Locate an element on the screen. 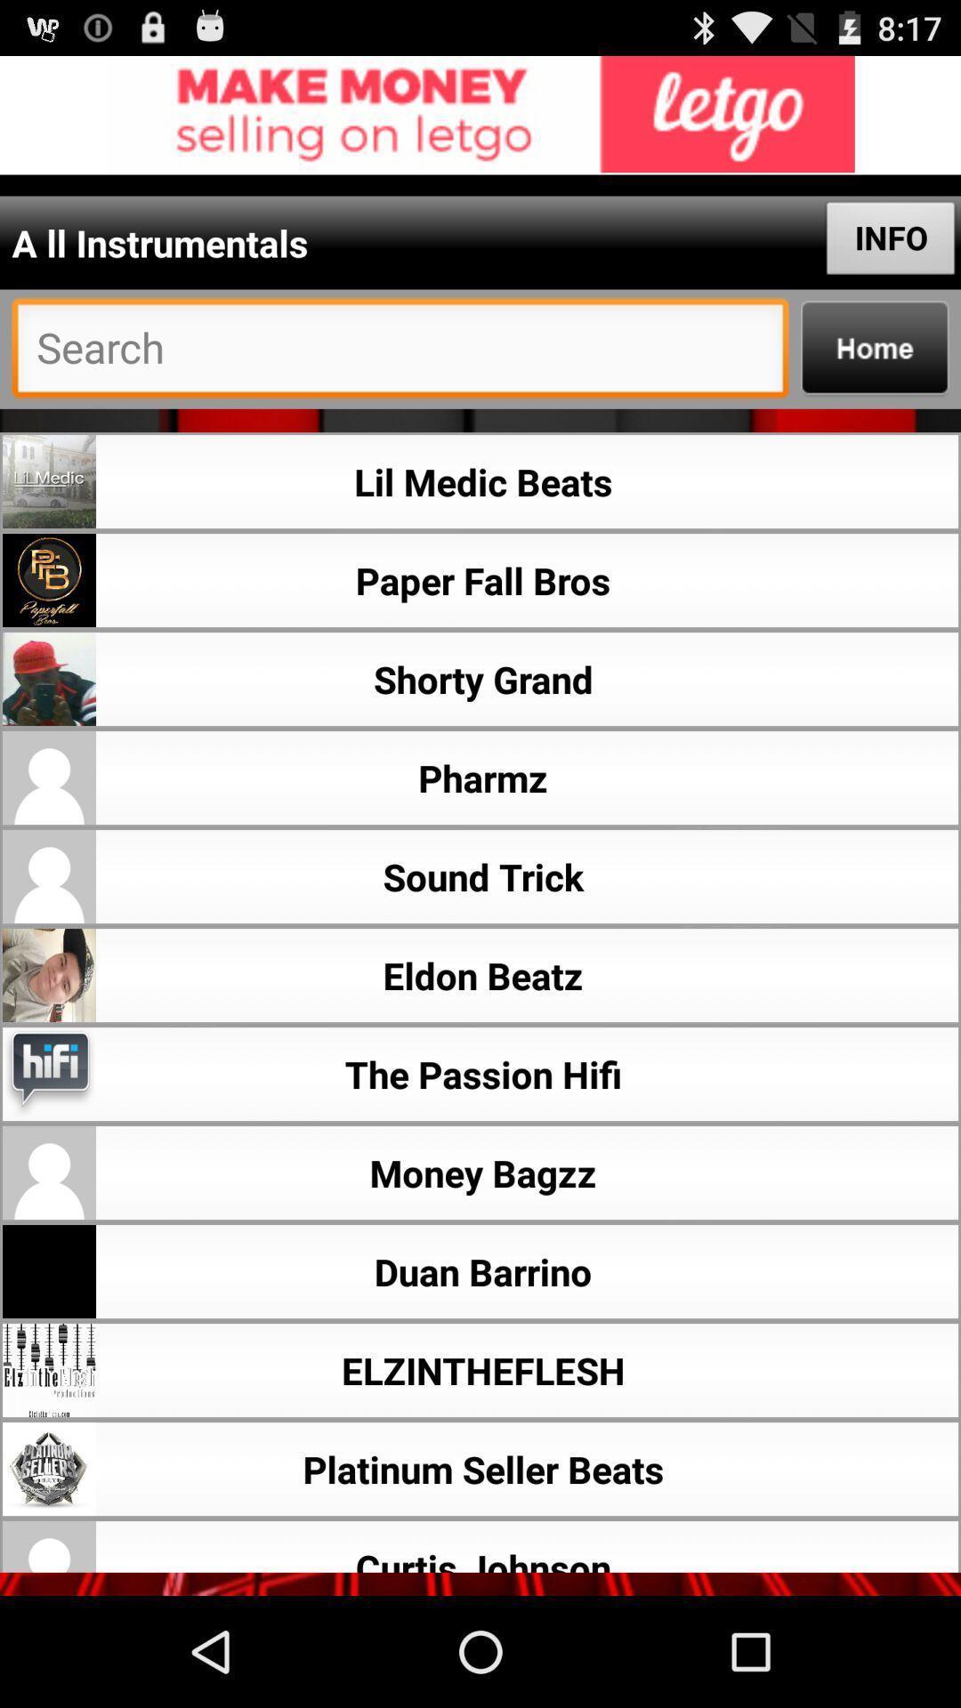  serch is located at coordinates (400, 352).